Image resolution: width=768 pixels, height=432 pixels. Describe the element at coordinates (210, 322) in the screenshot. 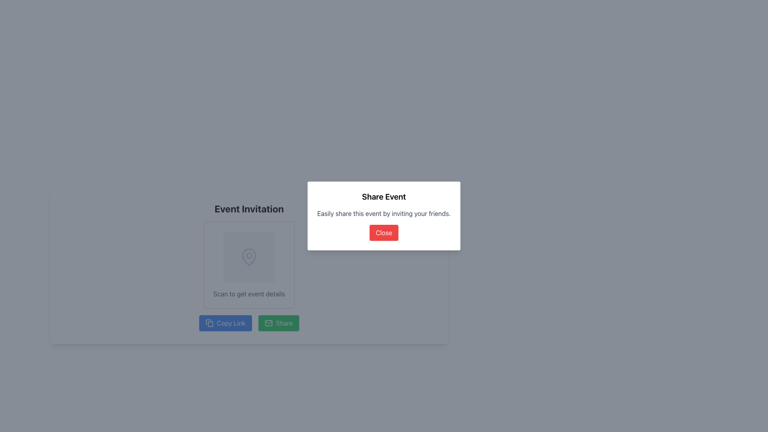

I see `the ornamental icon located to the left of the 'Copy Link' button at the bottom center of the left card in the interface` at that location.